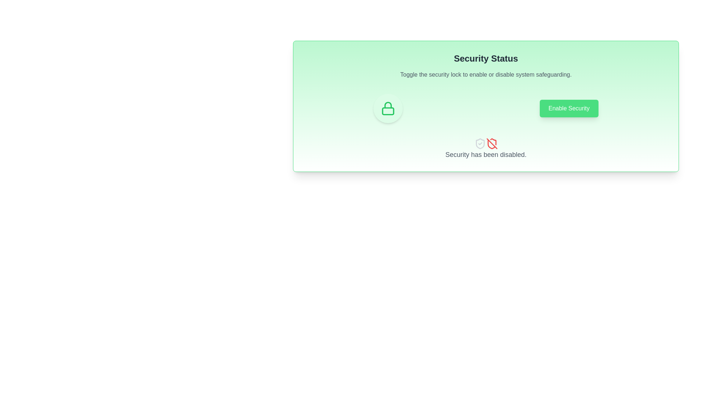 The width and height of the screenshot is (705, 396). Describe the element at coordinates (486, 148) in the screenshot. I see `informative text indicating that the security functionality is currently disabled, which is located below the 'Enable Security' button in the lower center of the interface` at that location.